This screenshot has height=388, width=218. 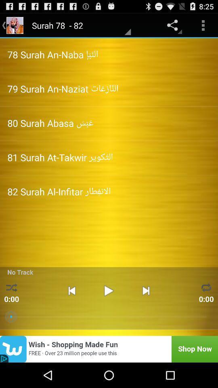 I want to click on the play icon, so click(x=109, y=310).